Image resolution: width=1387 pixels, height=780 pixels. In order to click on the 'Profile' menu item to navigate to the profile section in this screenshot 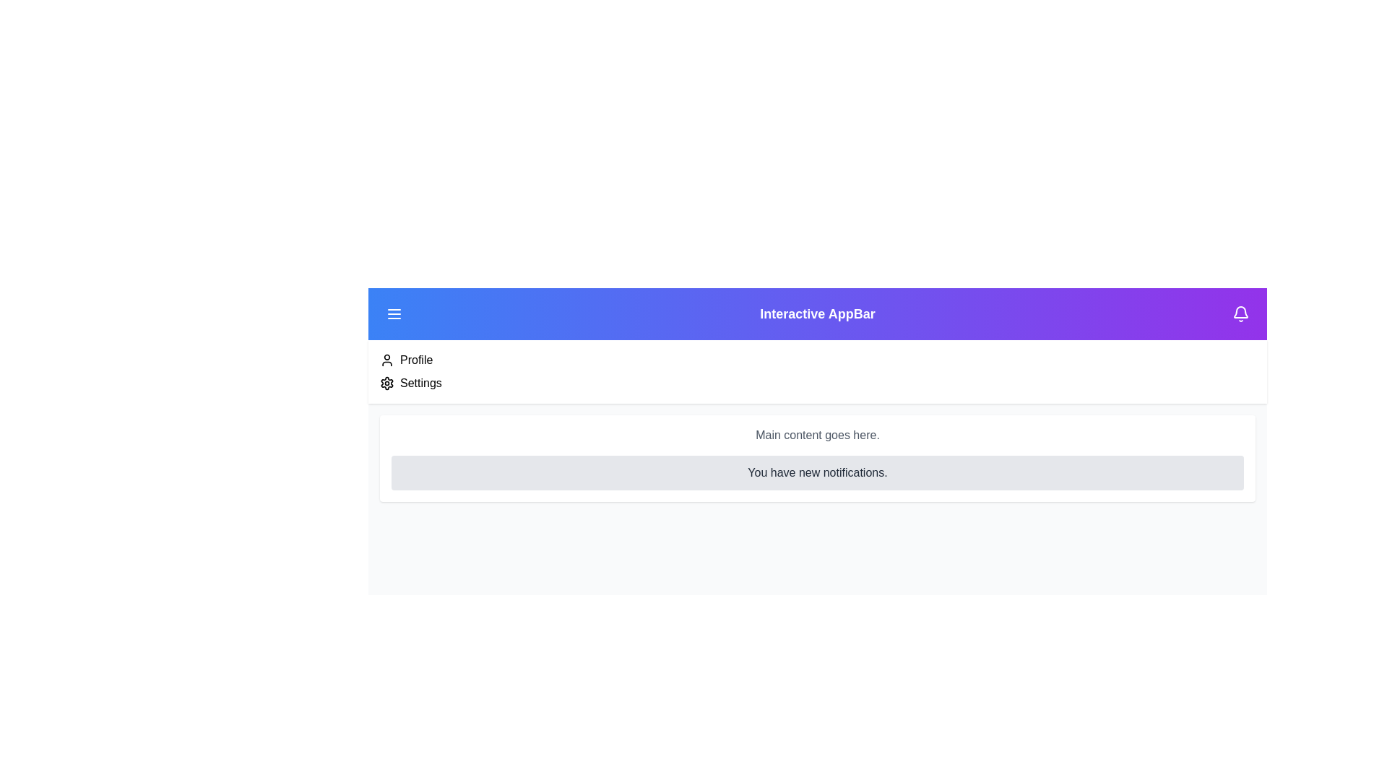, I will do `click(415, 359)`.